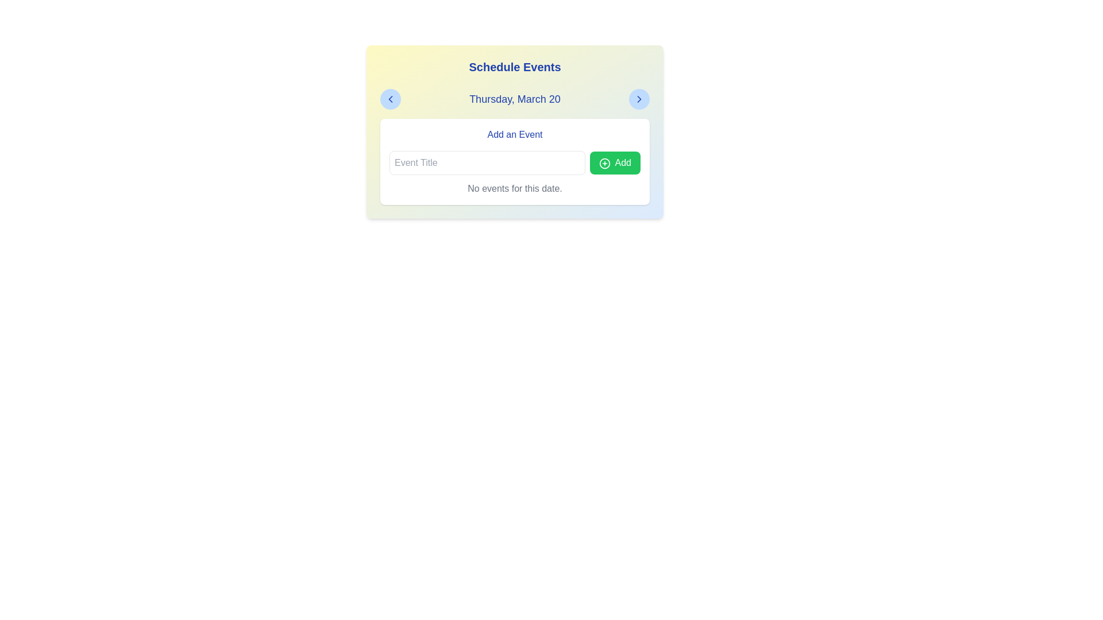 This screenshot has height=620, width=1103. I want to click on the small light blue button with a left-pointing blue chevron icon, located to the left of the header labeled 'Thursday, March 20', so click(391, 99).